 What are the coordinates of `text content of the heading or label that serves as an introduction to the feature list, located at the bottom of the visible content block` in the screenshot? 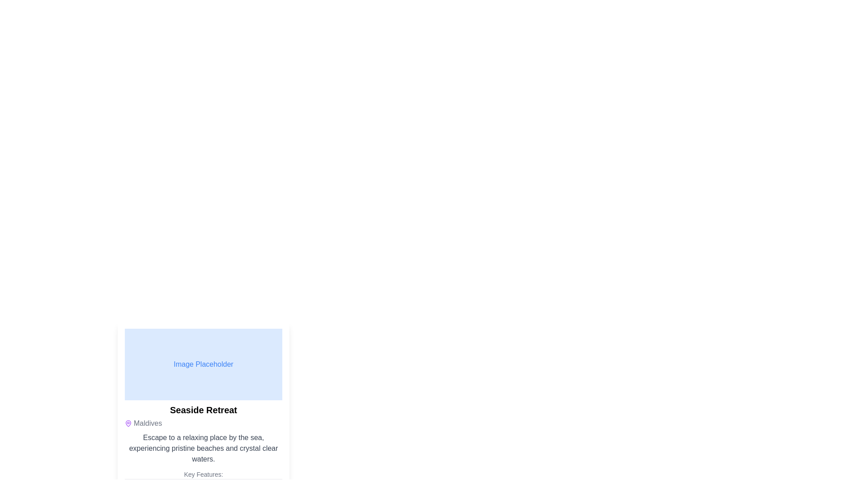 It's located at (203, 474).